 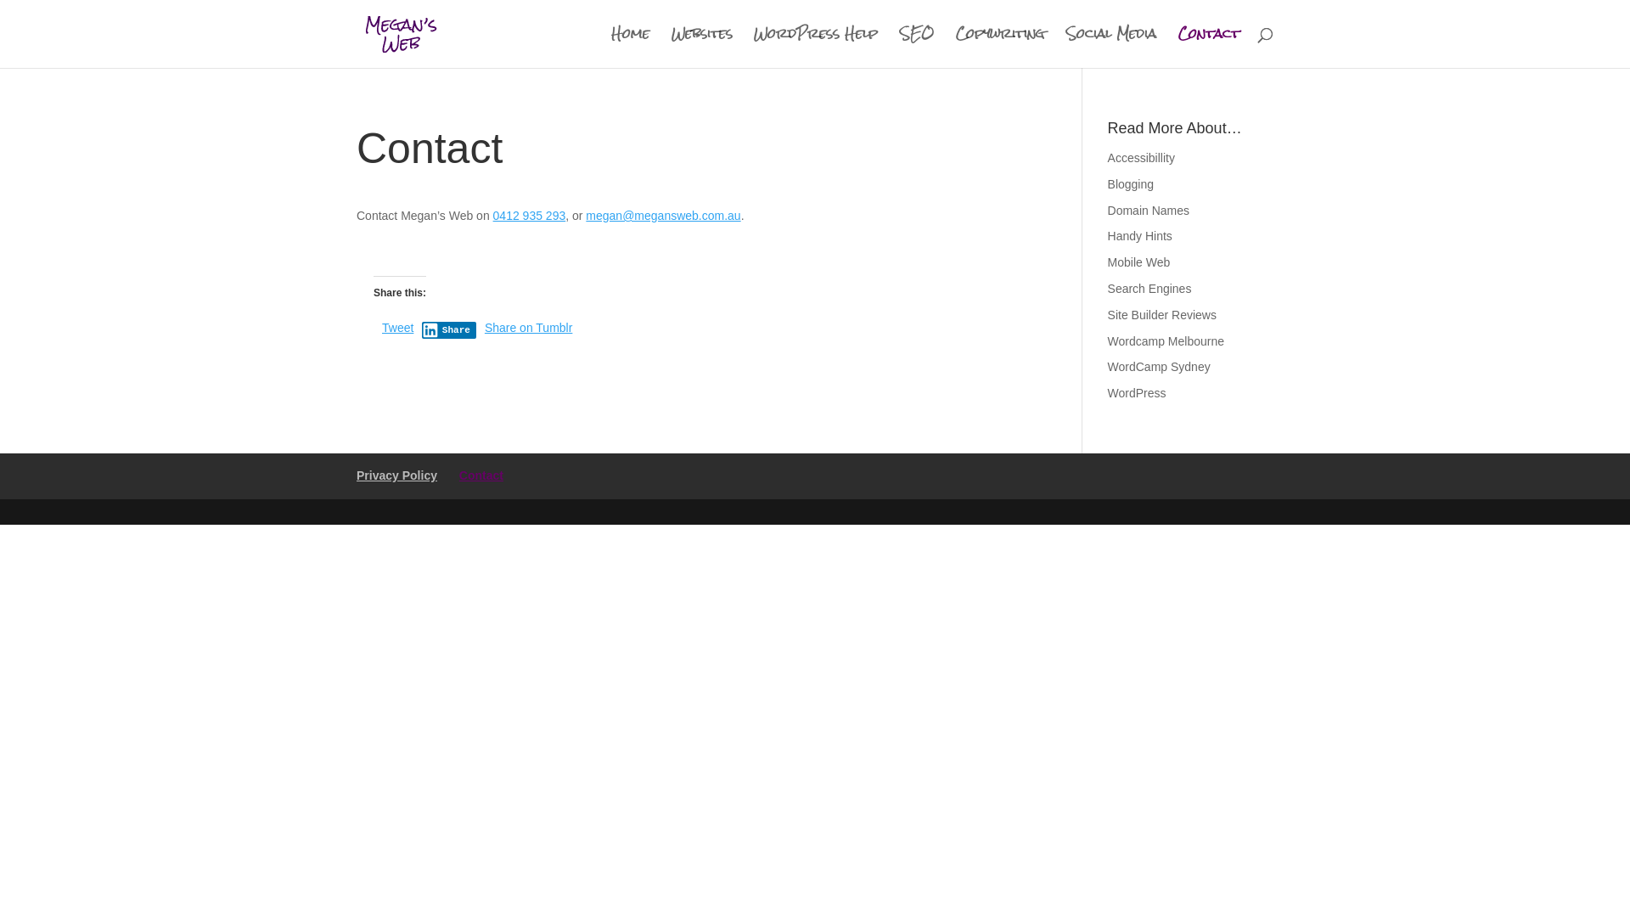 What do you see at coordinates (1149, 287) in the screenshot?
I see `'Search Engines'` at bounding box center [1149, 287].